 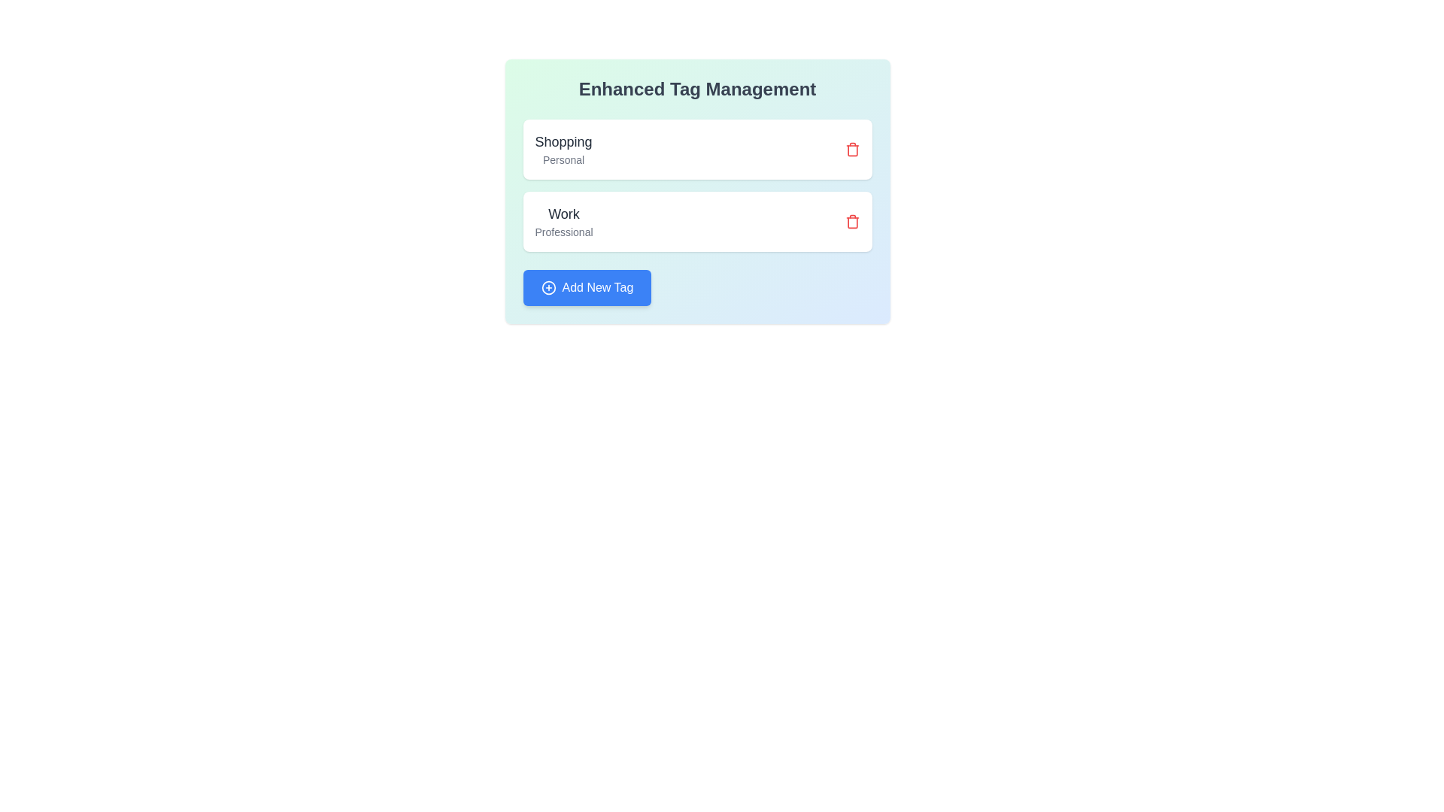 What do you see at coordinates (586, 287) in the screenshot?
I see `the rectangular blue button labeled 'Add New Tag' with a plus icon to observe the hover styling` at bounding box center [586, 287].